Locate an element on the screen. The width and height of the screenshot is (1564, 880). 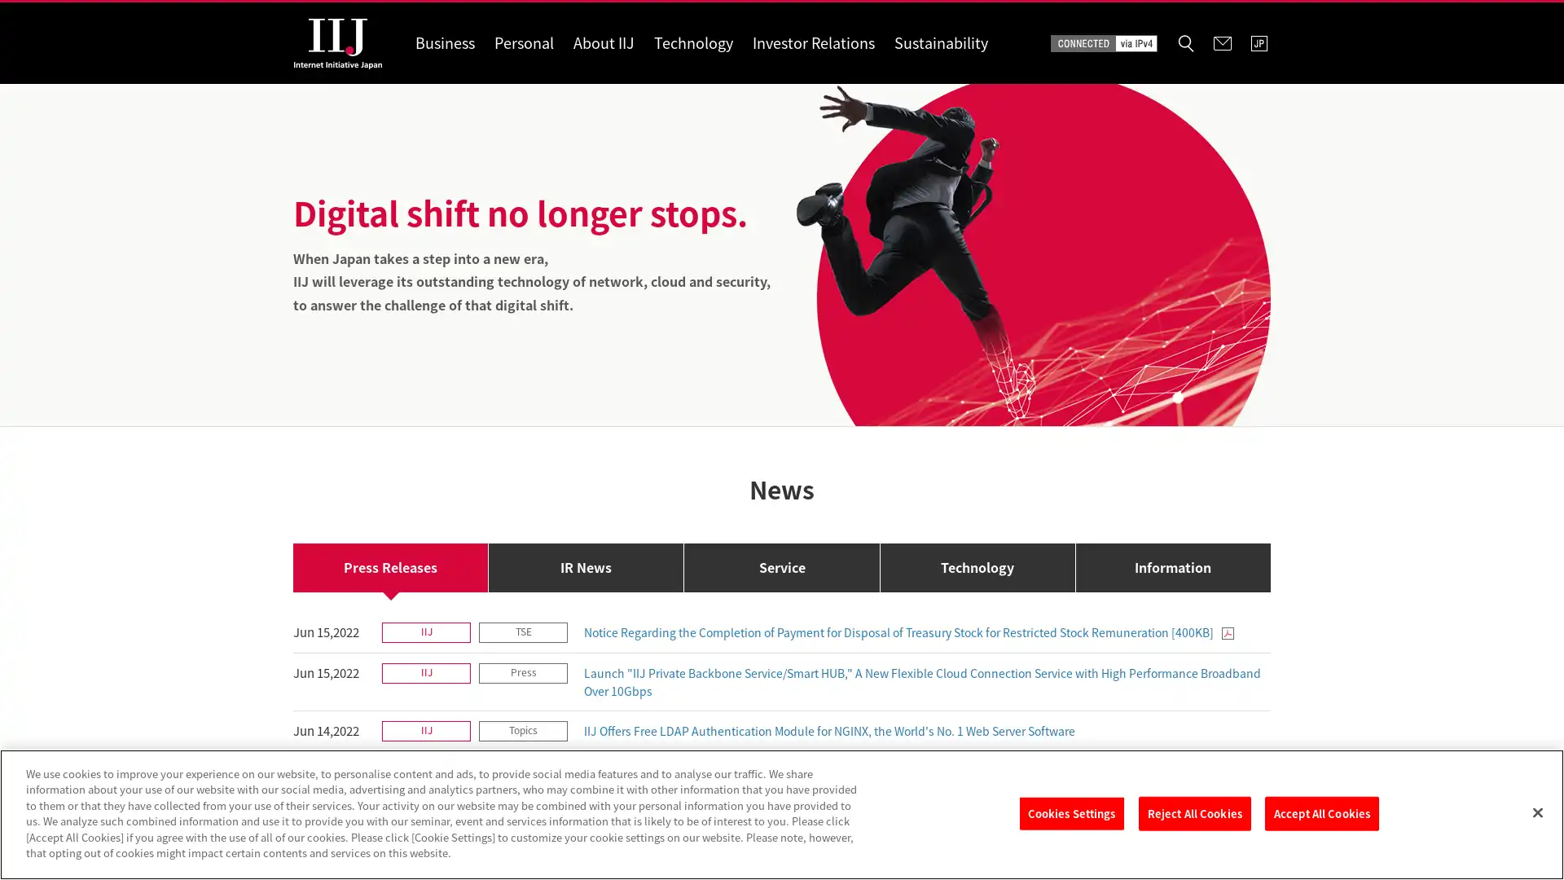
Close is located at coordinates (1536, 812).